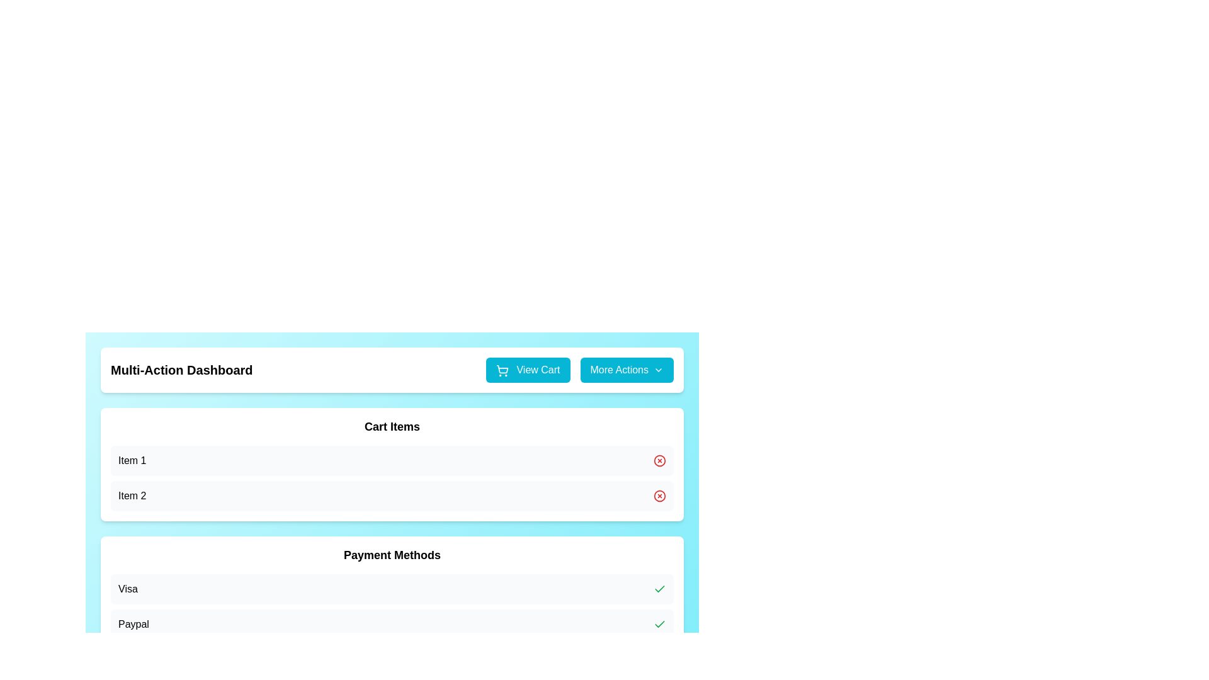 The width and height of the screenshot is (1209, 680). I want to click on the delete button styled as an SVG icon located in the second row of the Cart Items section, adjacent to the text label 'Item 2', so click(659, 461).